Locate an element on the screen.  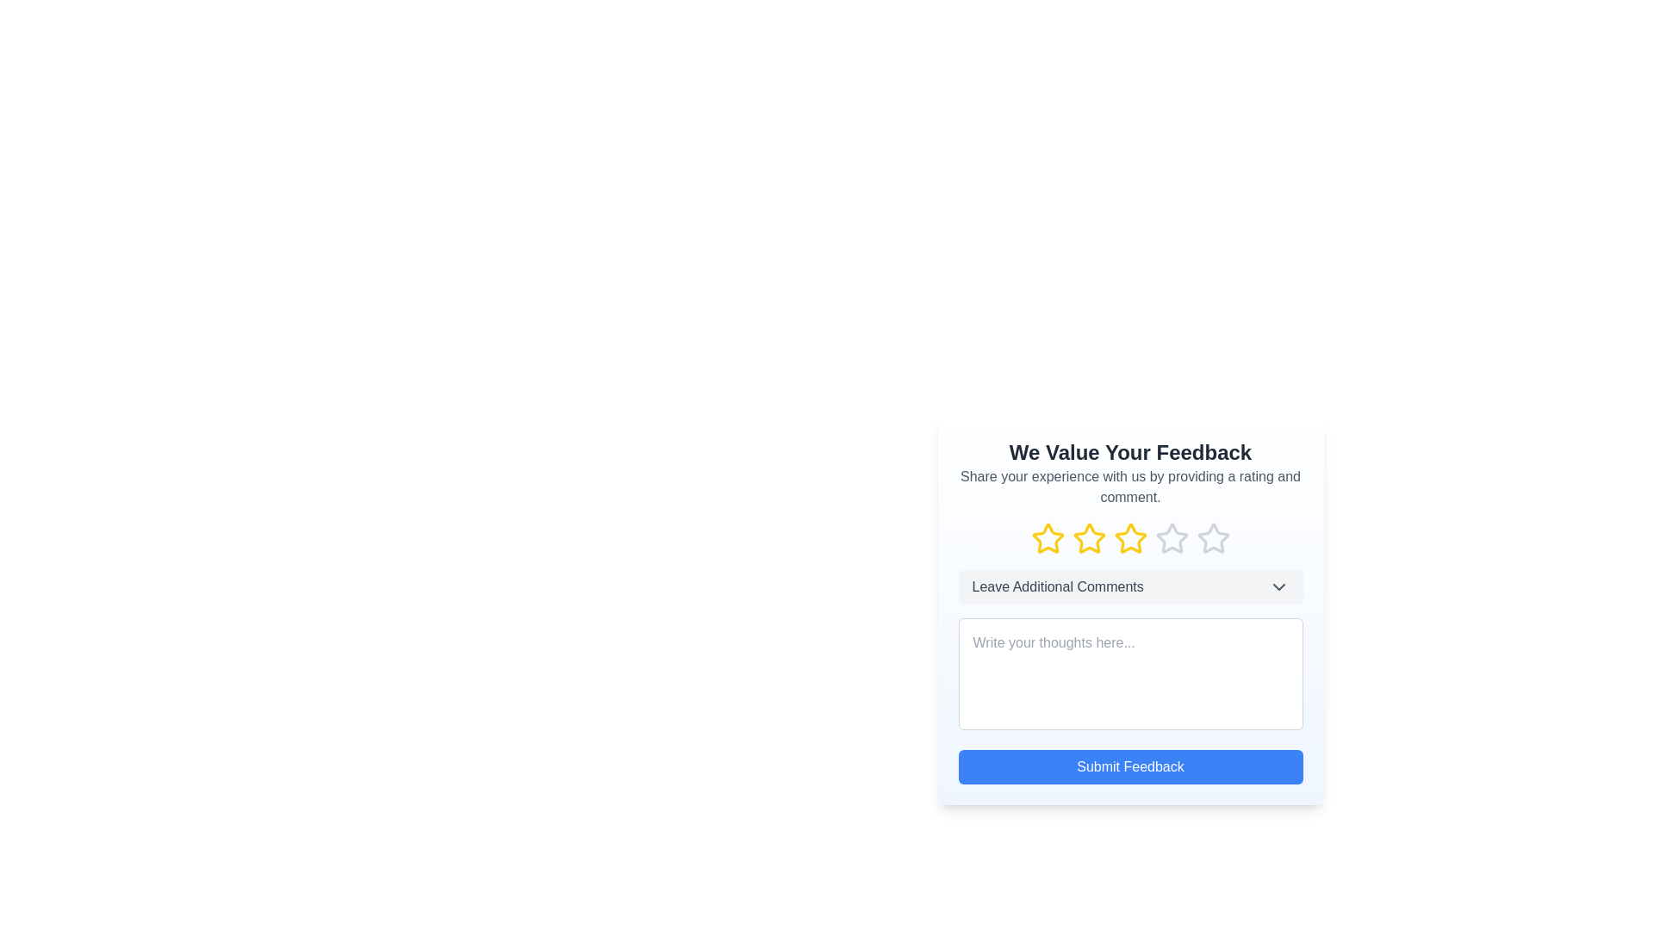
the fifth star in the five-star rating system is located at coordinates (1212, 537).